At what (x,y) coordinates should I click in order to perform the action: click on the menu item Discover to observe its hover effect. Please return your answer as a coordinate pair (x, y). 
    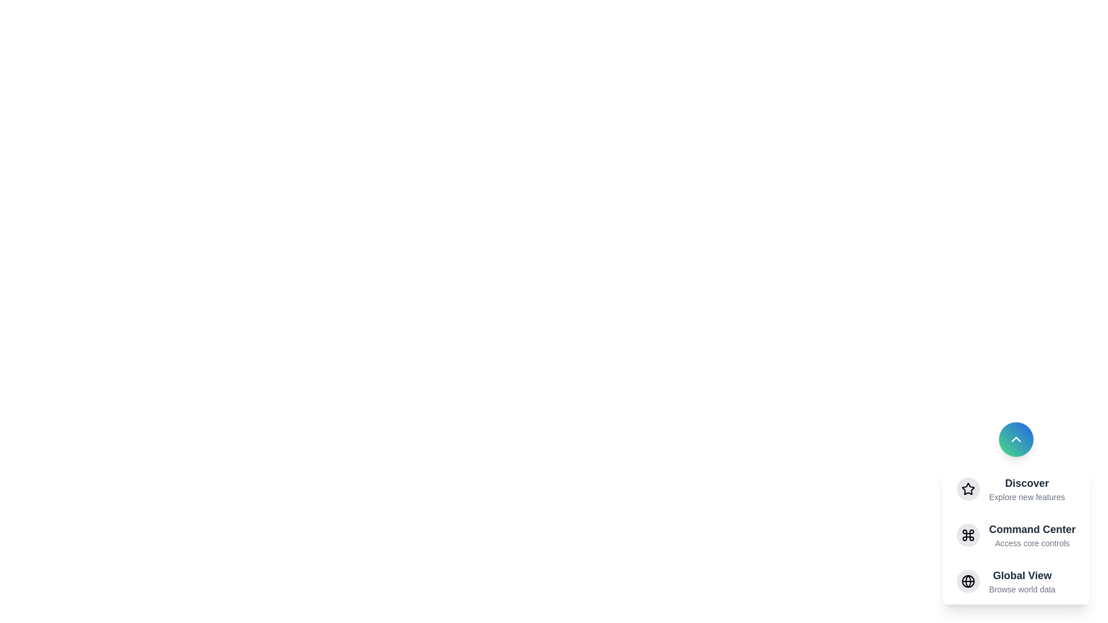
    Looking at the image, I should click on (1016, 489).